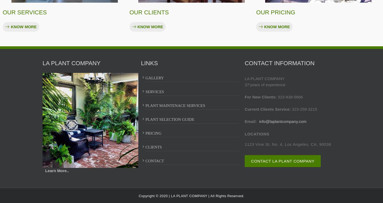 Image resolution: width=383 pixels, height=203 pixels. I want to click on 'For New Clients:', so click(244, 96).